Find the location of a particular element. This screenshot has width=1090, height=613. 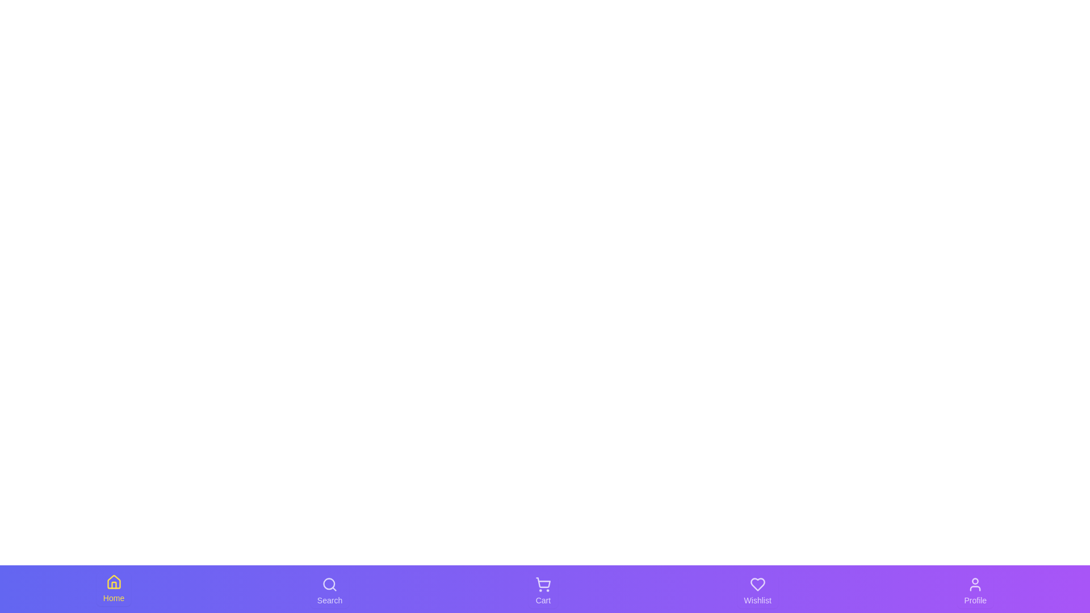

the tab corresponding to Home to switch to that section is located at coordinates (114, 588).